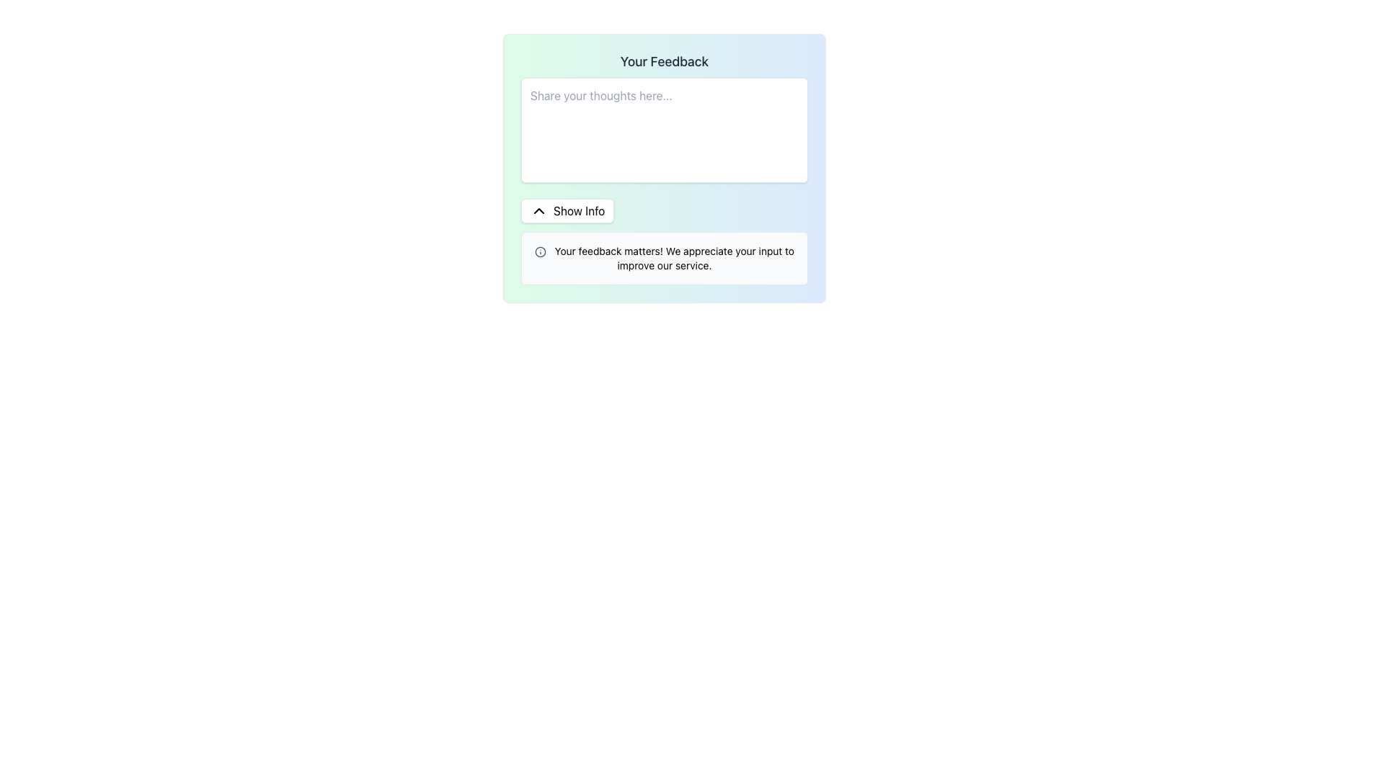  Describe the element at coordinates (663, 257) in the screenshot. I see `the Informational Text Box with the message 'Your feedback matters! We appreciate your input to improve our service.'` at that location.